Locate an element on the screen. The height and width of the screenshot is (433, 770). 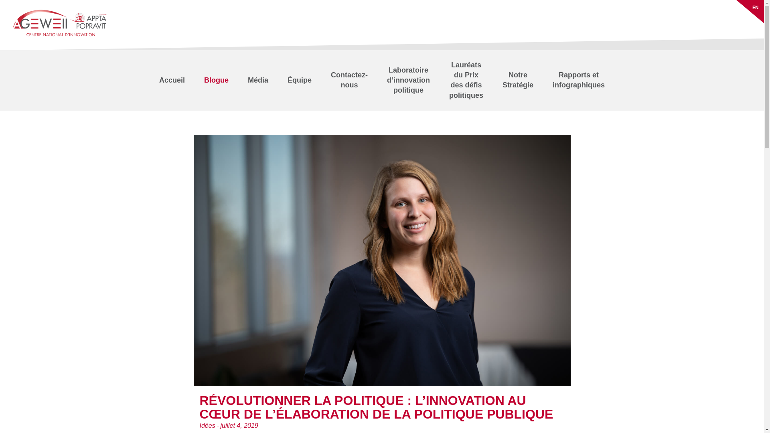
'Rapports et infographiques' is located at coordinates (579, 80).